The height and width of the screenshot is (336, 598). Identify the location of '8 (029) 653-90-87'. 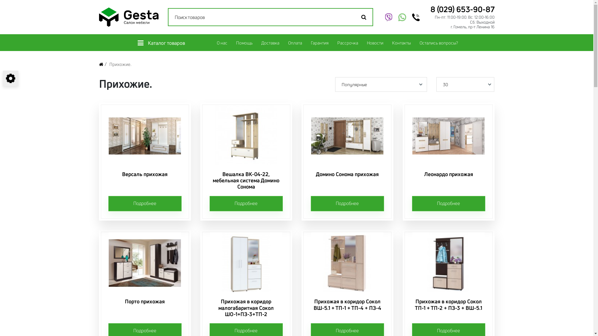
(462, 9).